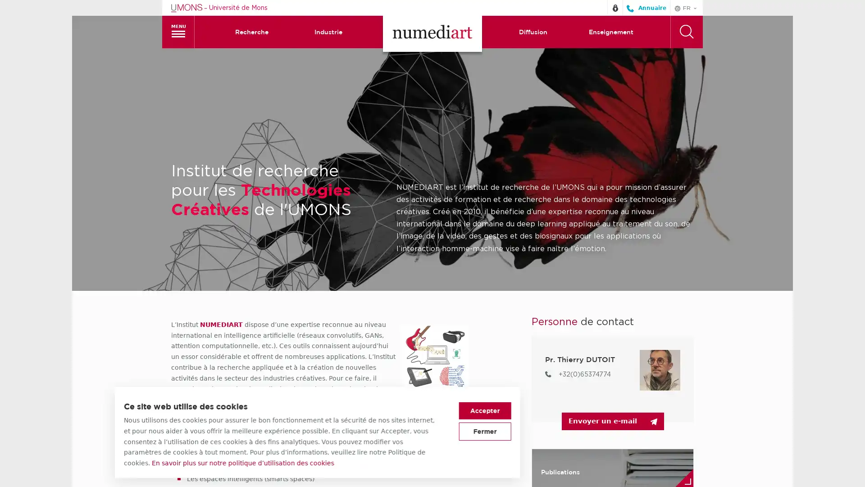 The image size is (865, 487). What do you see at coordinates (600, 431) in the screenshot?
I see `Fermer` at bounding box center [600, 431].